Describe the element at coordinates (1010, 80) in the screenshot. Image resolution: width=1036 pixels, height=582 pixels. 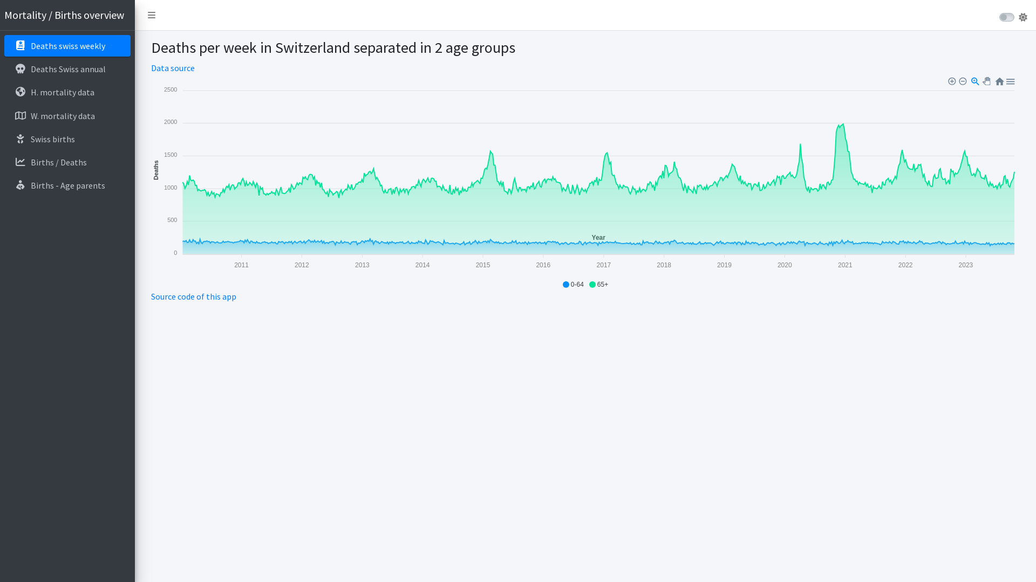
I see `'Menu'` at that location.